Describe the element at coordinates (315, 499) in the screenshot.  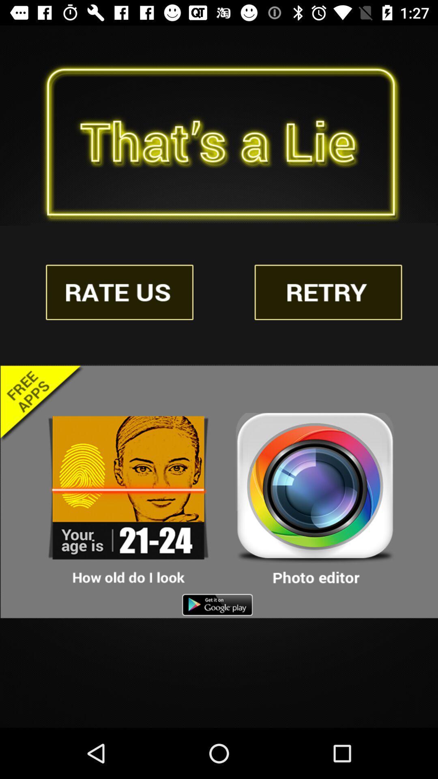
I see `open photo editor` at that location.